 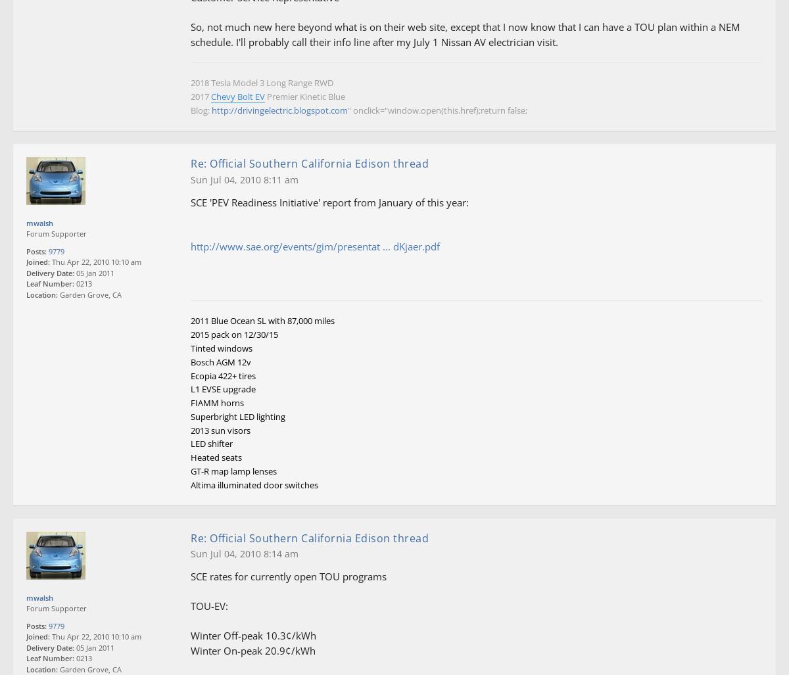 I want to click on 'Blog:', so click(x=201, y=110).